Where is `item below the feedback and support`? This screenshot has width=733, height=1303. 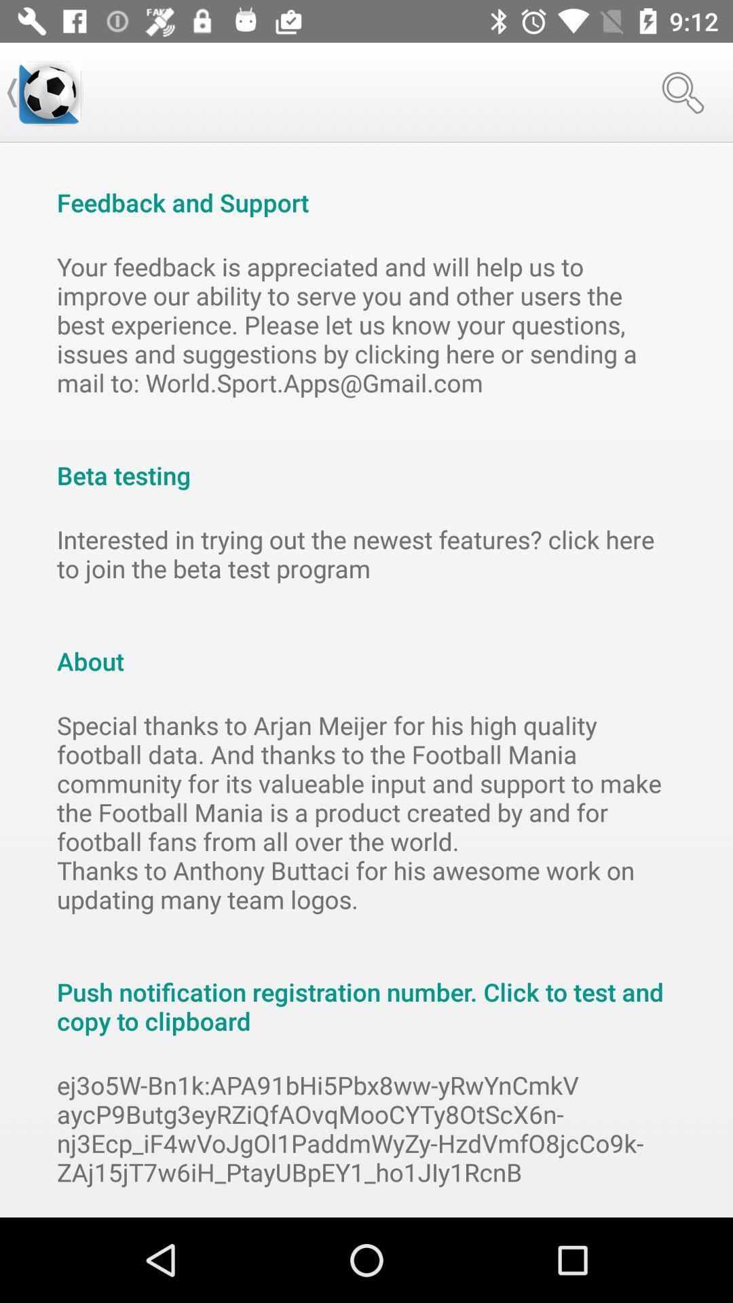
item below the feedback and support is located at coordinates (366, 324).